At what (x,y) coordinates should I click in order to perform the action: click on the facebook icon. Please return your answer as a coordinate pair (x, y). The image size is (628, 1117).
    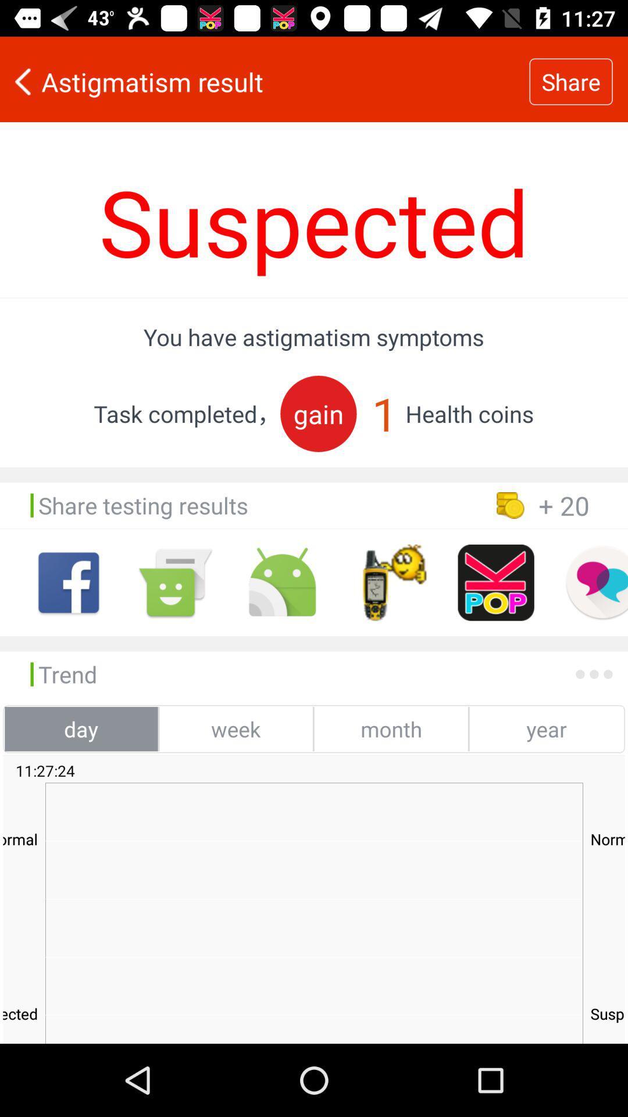
    Looking at the image, I should click on (69, 582).